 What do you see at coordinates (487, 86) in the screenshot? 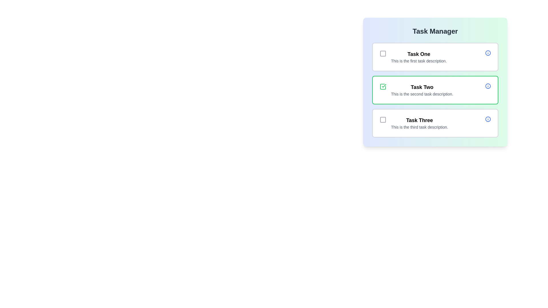
I see `the central circular shape of the information icon next to the 'Task Two' entry in the task manager interface` at bounding box center [487, 86].